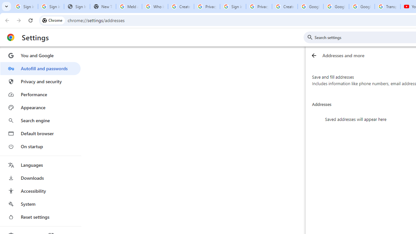 Image resolution: width=416 pixels, height=234 pixels. What do you see at coordinates (40, 178) in the screenshot?
I see `'Downloads'` at bounding box center [40, 178].